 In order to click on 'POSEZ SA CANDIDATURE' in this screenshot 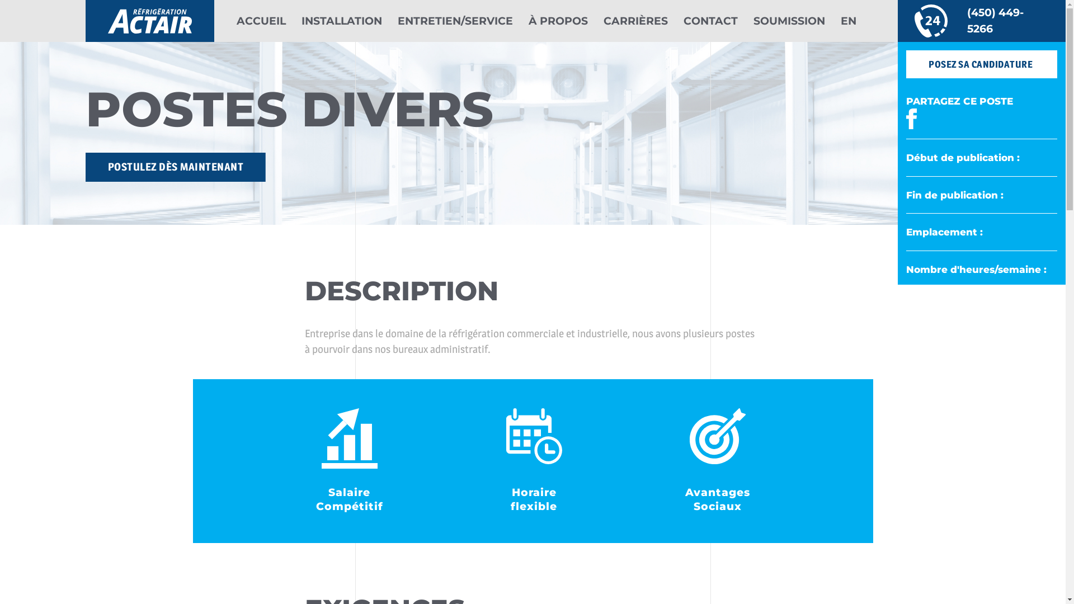, I will do `click(981, 64)`.